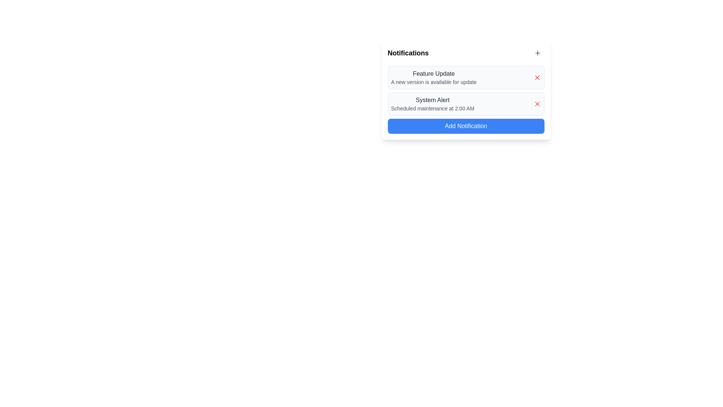 The width and height of the screenshot is (723, 407). Describe the element at coordinates (537, 104) in the screenshot. I see `the red 'X' icon button located at the top-right corner of the 'System Alert' notification card` at that location.